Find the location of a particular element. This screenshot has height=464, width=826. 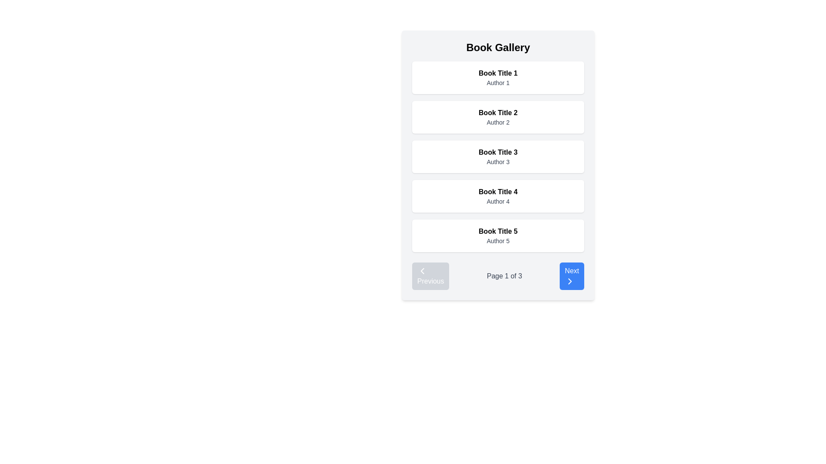

the text label indicating the author of 'Book Title 1' in the first card of the vertically stacked list is located at coordinates (498, 82).